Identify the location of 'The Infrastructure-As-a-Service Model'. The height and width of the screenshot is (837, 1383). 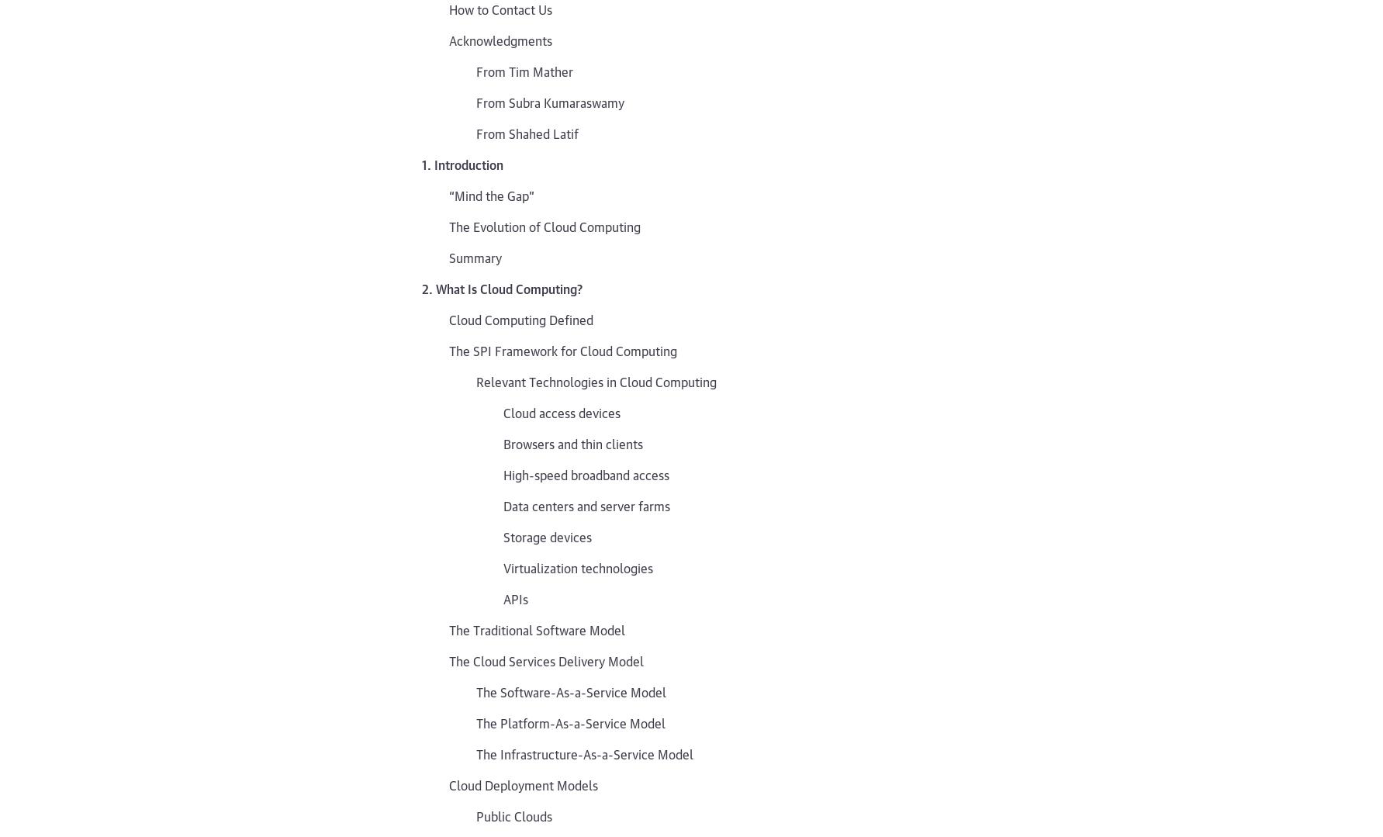
(584, 752).